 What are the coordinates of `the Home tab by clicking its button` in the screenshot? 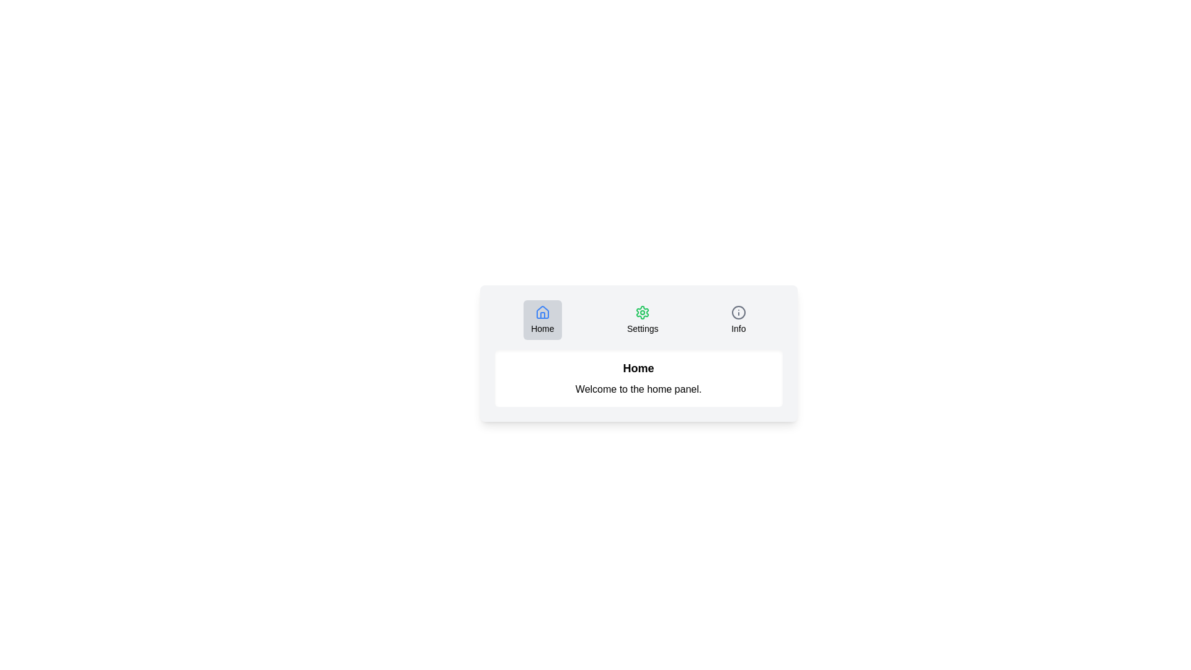 It's located at (542, 319).